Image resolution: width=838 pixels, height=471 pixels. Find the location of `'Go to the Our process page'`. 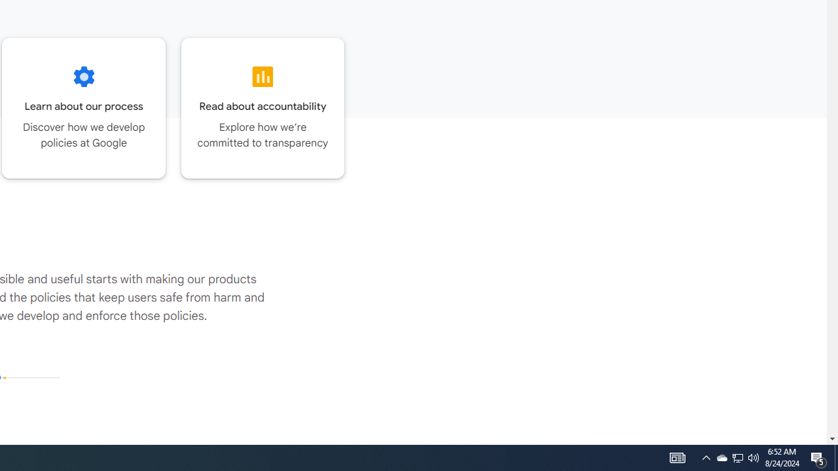

'Go to the Our process page' is located at coordinates (83, 107).